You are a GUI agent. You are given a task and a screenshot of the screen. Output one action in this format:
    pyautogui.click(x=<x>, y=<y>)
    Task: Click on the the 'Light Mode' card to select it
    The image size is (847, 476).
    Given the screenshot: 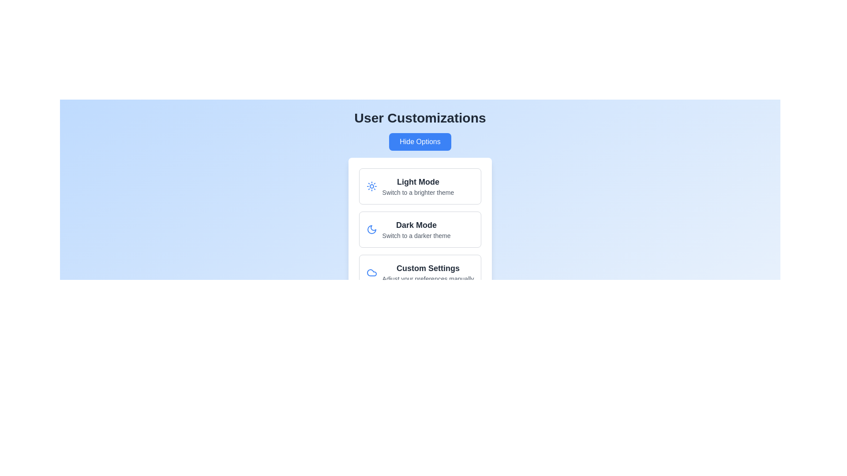 What is the action you would take?
    pyautogui.click(x=420, y=186)
    